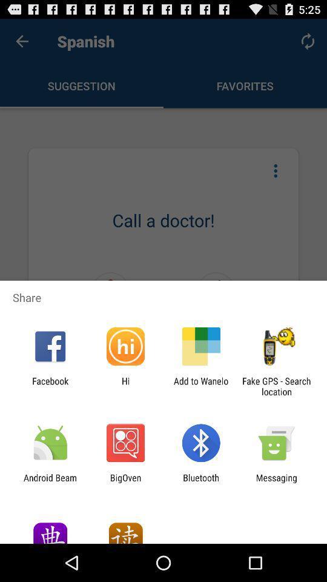  What do you see at coordinates (201, 386) in the screenshot?
I see `app to the left of the fake gps search app` at bounding box center [201, 386].